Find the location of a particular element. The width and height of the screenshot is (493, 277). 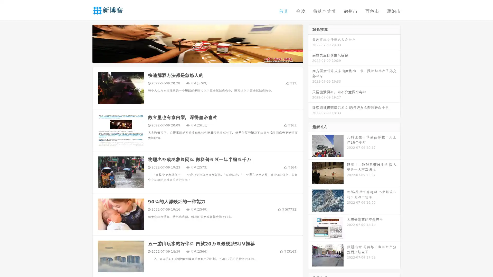

Next slide is located at coordinates (310, 43).